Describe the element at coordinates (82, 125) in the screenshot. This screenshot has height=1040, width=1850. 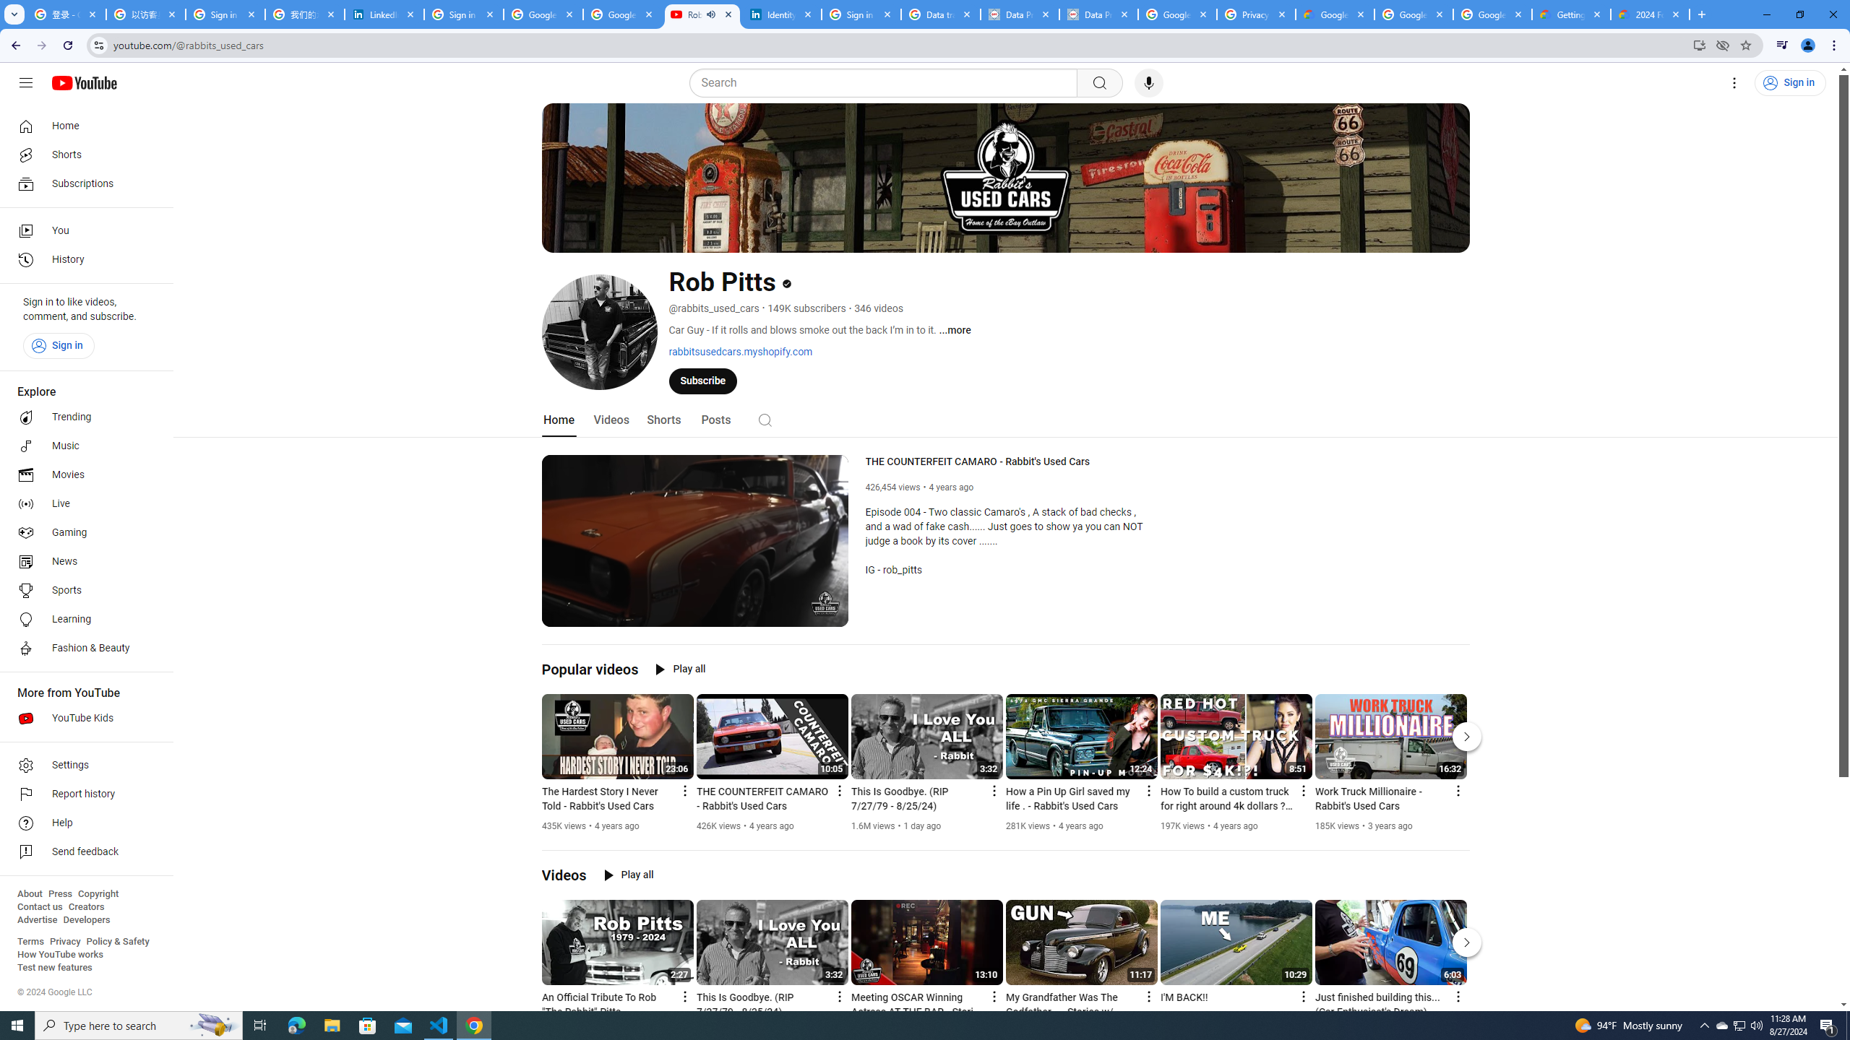
I see `'Home'` at that location.